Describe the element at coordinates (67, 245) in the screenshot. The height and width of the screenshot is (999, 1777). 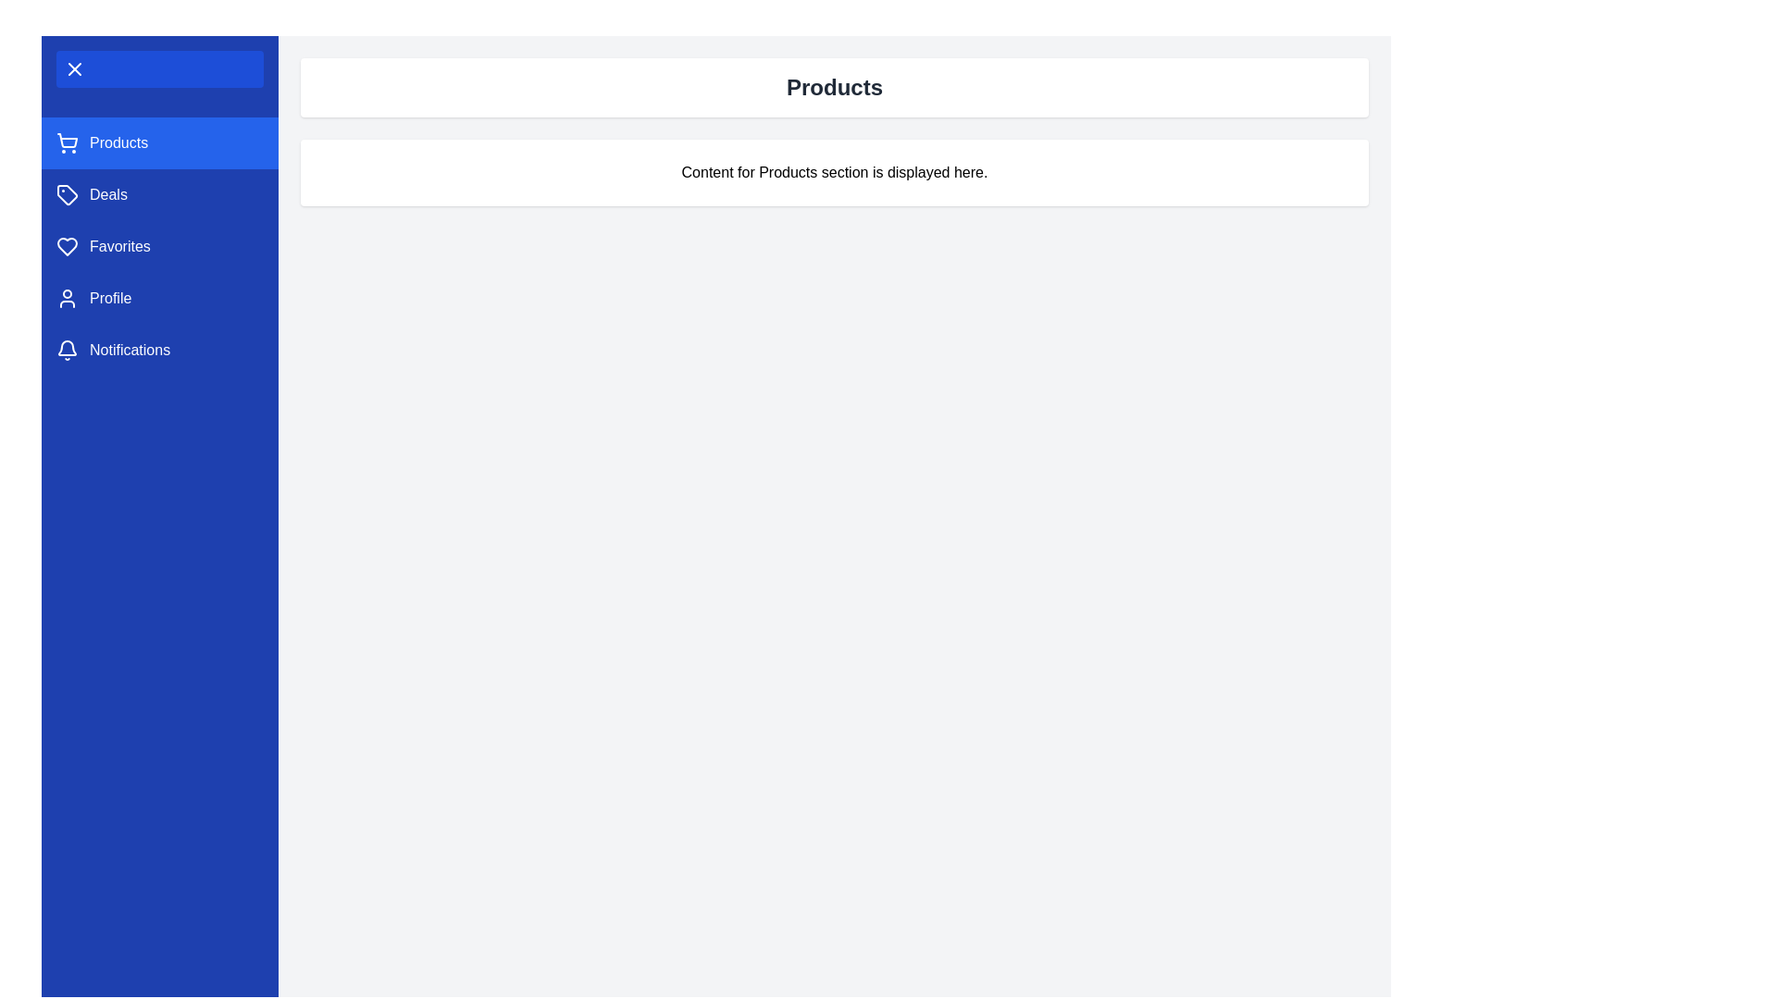
I see `the heart-shaped icon in the vertical navigation sidebar, which is part of the 'Favorites' menu item located to the left of the 'Favorites' label` at that location.